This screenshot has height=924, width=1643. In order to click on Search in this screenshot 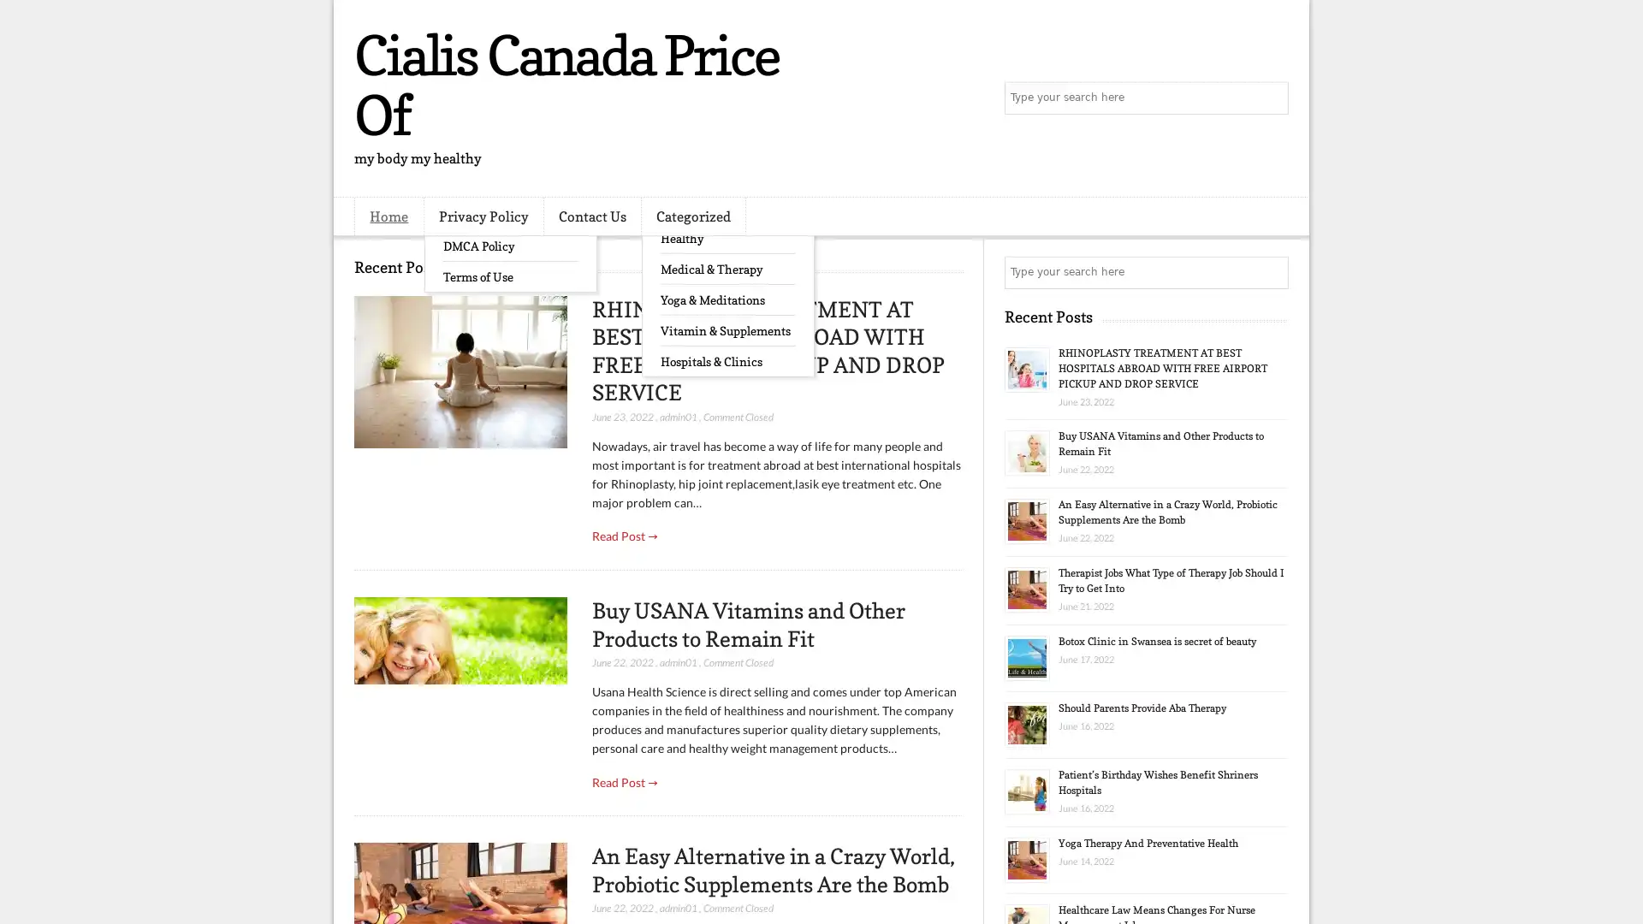, I will do `click(1271, 98)`.